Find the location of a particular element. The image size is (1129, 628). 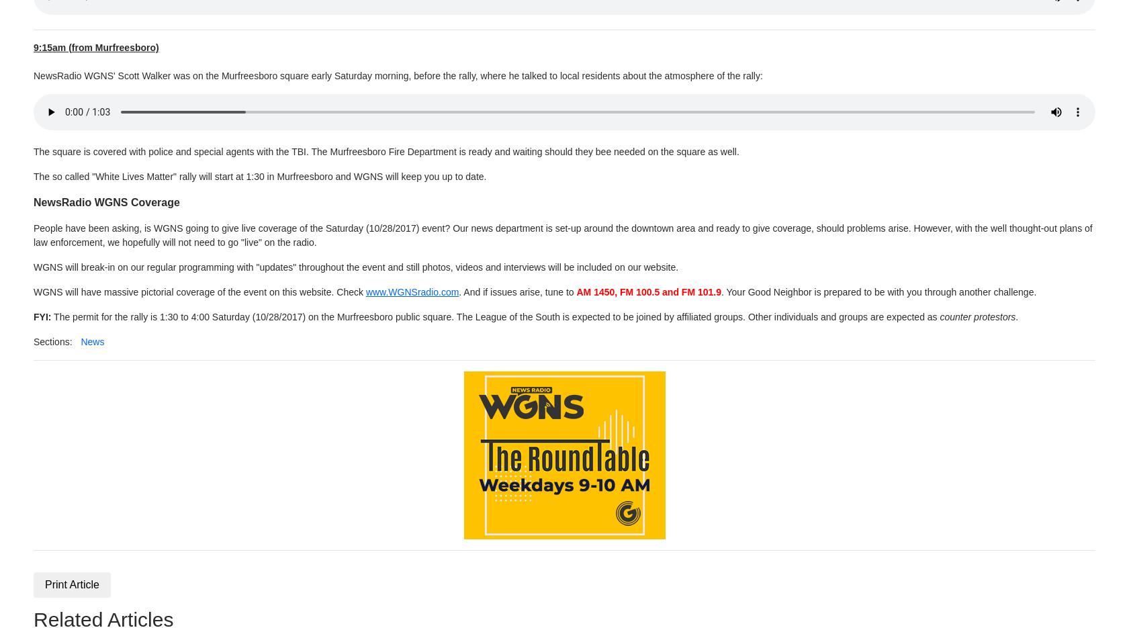

'The so called "White Lives Matter" rally will start at 1:30 in Murfreesboro and WGNS will keep you up to date.' is located at coordinates (259, 175).